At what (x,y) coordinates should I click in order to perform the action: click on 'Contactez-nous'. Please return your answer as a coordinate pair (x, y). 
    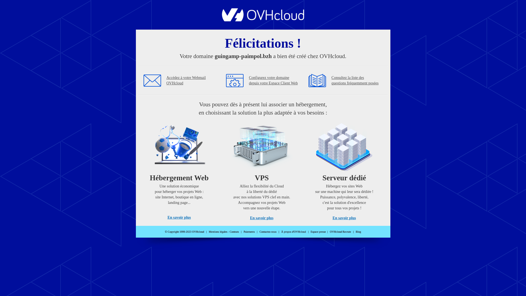
    Looking at the image, I should click on (268, 232).